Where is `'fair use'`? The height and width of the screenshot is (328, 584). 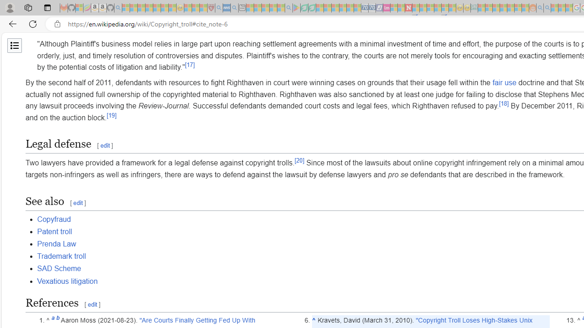
'fair use' is located at coordinates (504, 82).